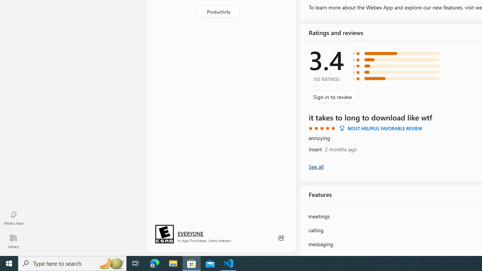 This screenshot has width=482, height=271. What do you see at coordinates (332, 96) in the screenshot?
I see `'Sign in to review'` at bounding box center [332, 96].